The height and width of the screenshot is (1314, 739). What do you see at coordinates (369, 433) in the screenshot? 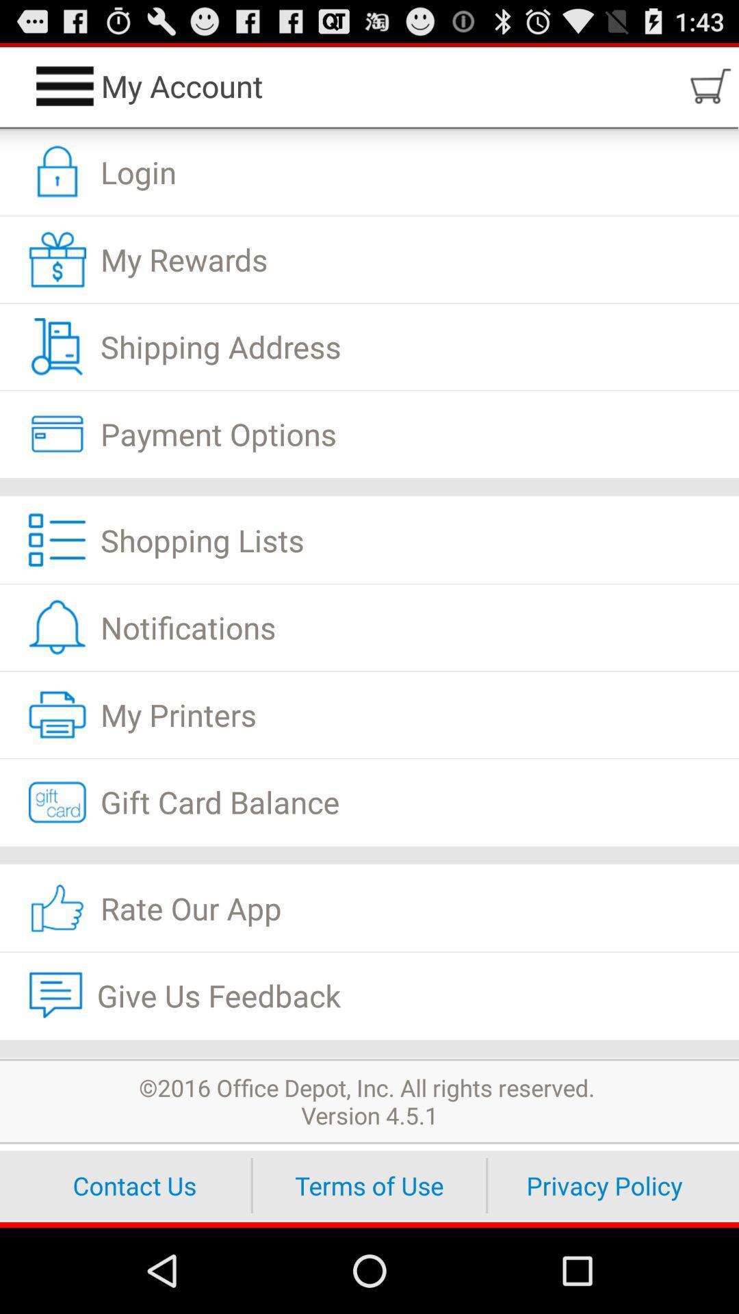
I see `icon below shipping address` at bounding box center [369, 433].